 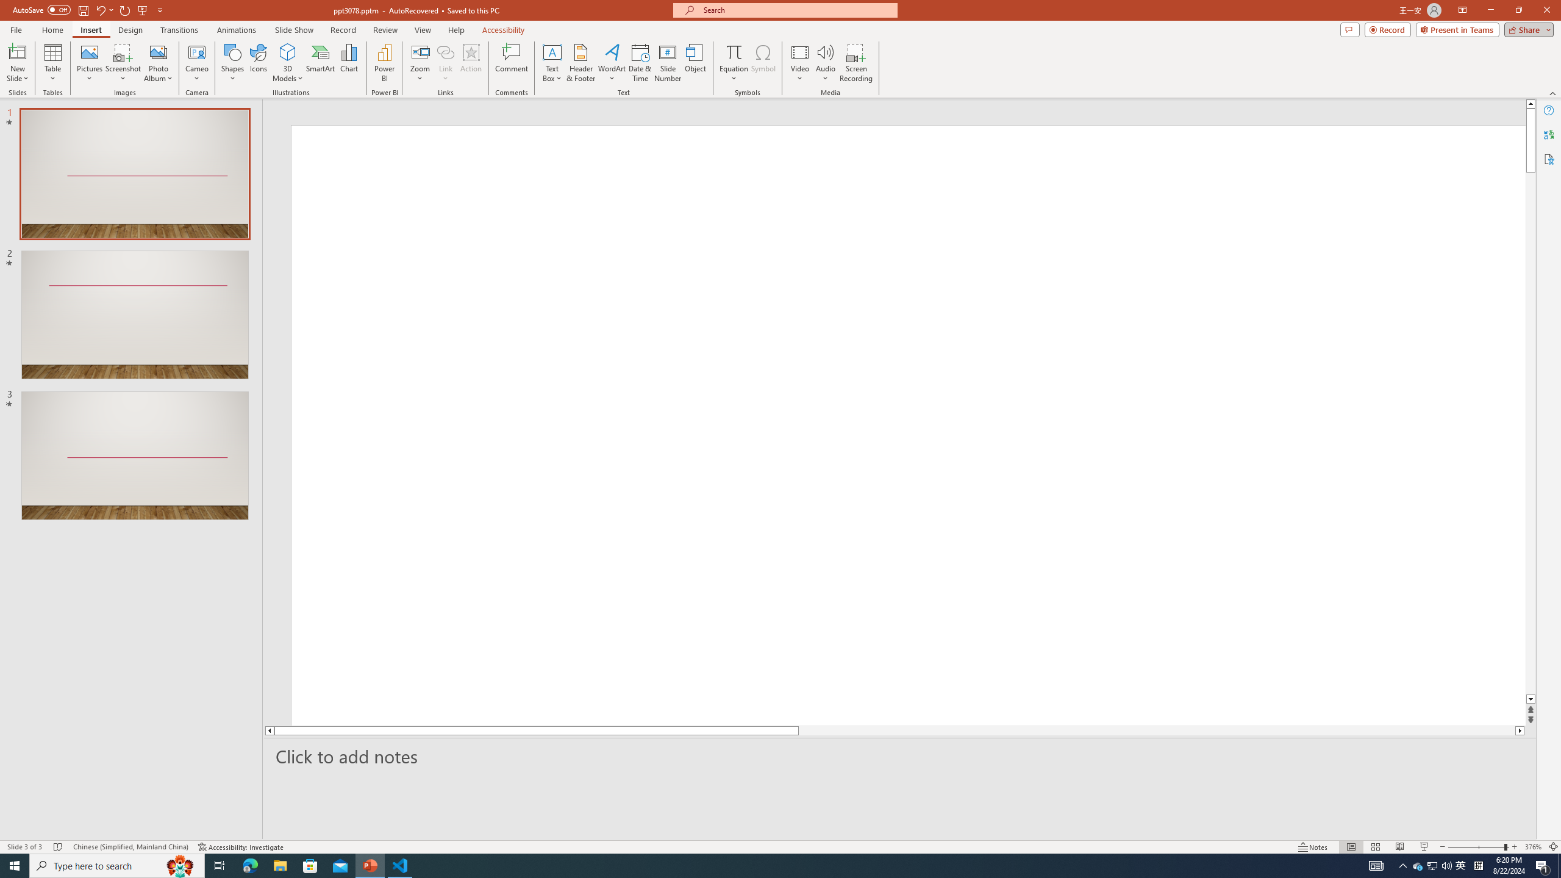 What do you see at coordinates (123, 63) in the screenshot?
I see `'Screenshot'` at bounding box center [123, 63].